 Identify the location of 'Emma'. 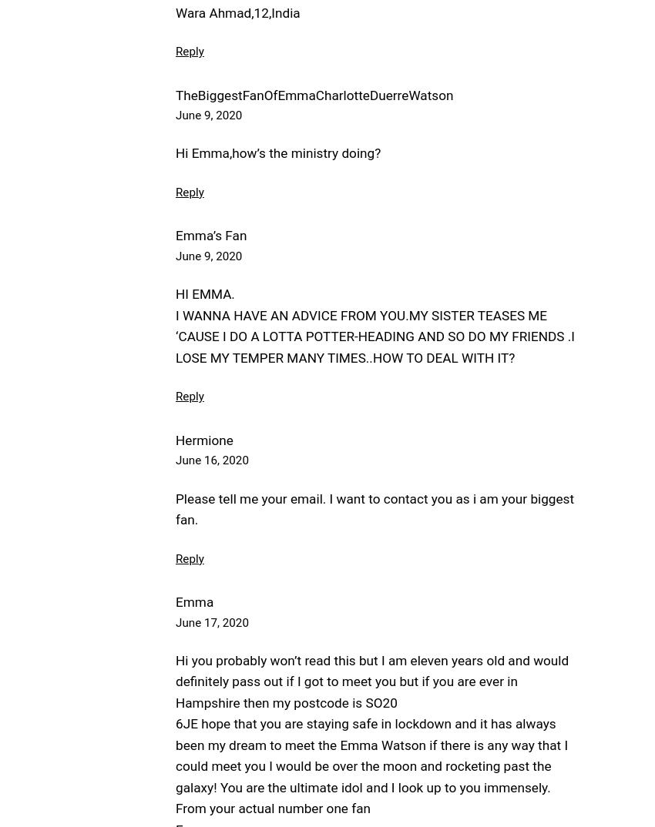
(194, 601).